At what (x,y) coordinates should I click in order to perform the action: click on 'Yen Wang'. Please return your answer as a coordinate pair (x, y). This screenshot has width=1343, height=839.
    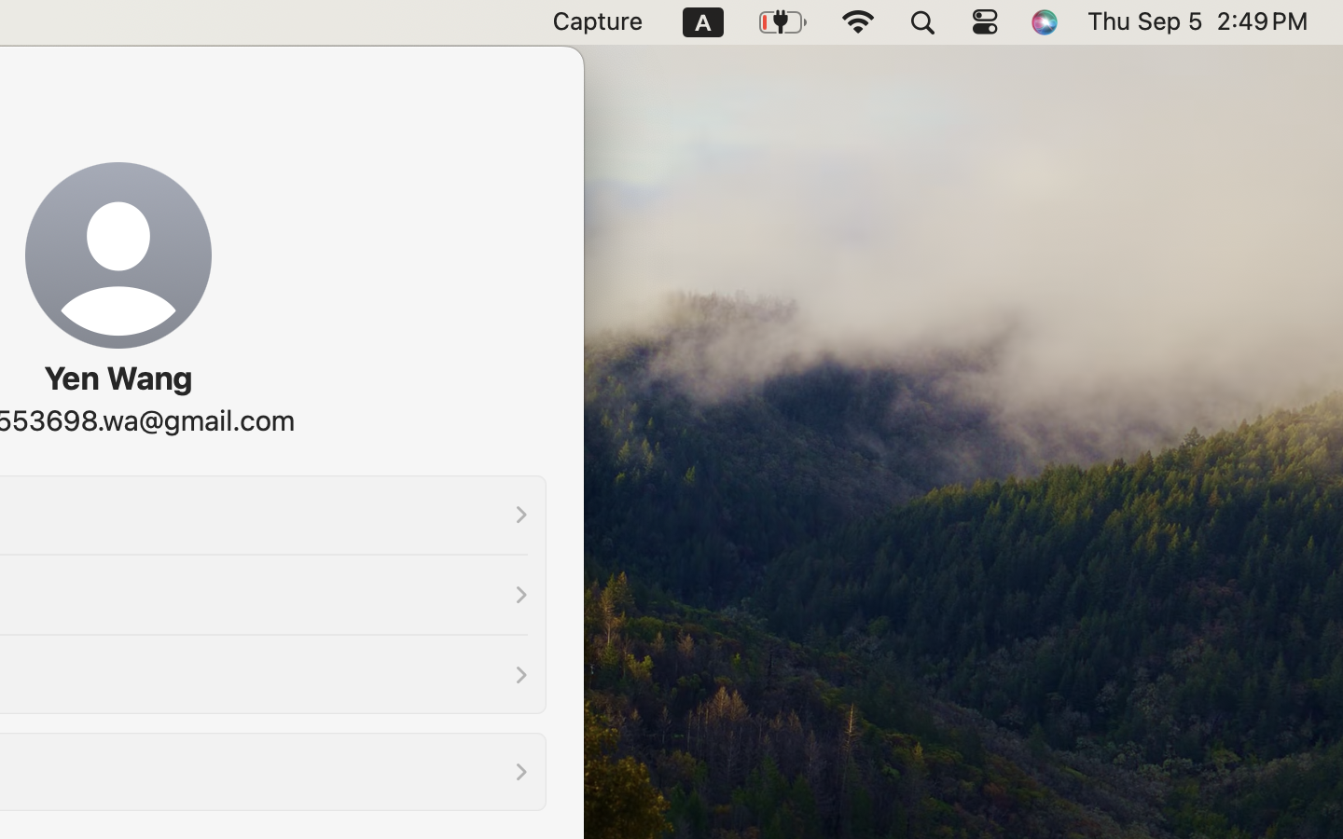
    Looking at the image, I should click on (116, 378).